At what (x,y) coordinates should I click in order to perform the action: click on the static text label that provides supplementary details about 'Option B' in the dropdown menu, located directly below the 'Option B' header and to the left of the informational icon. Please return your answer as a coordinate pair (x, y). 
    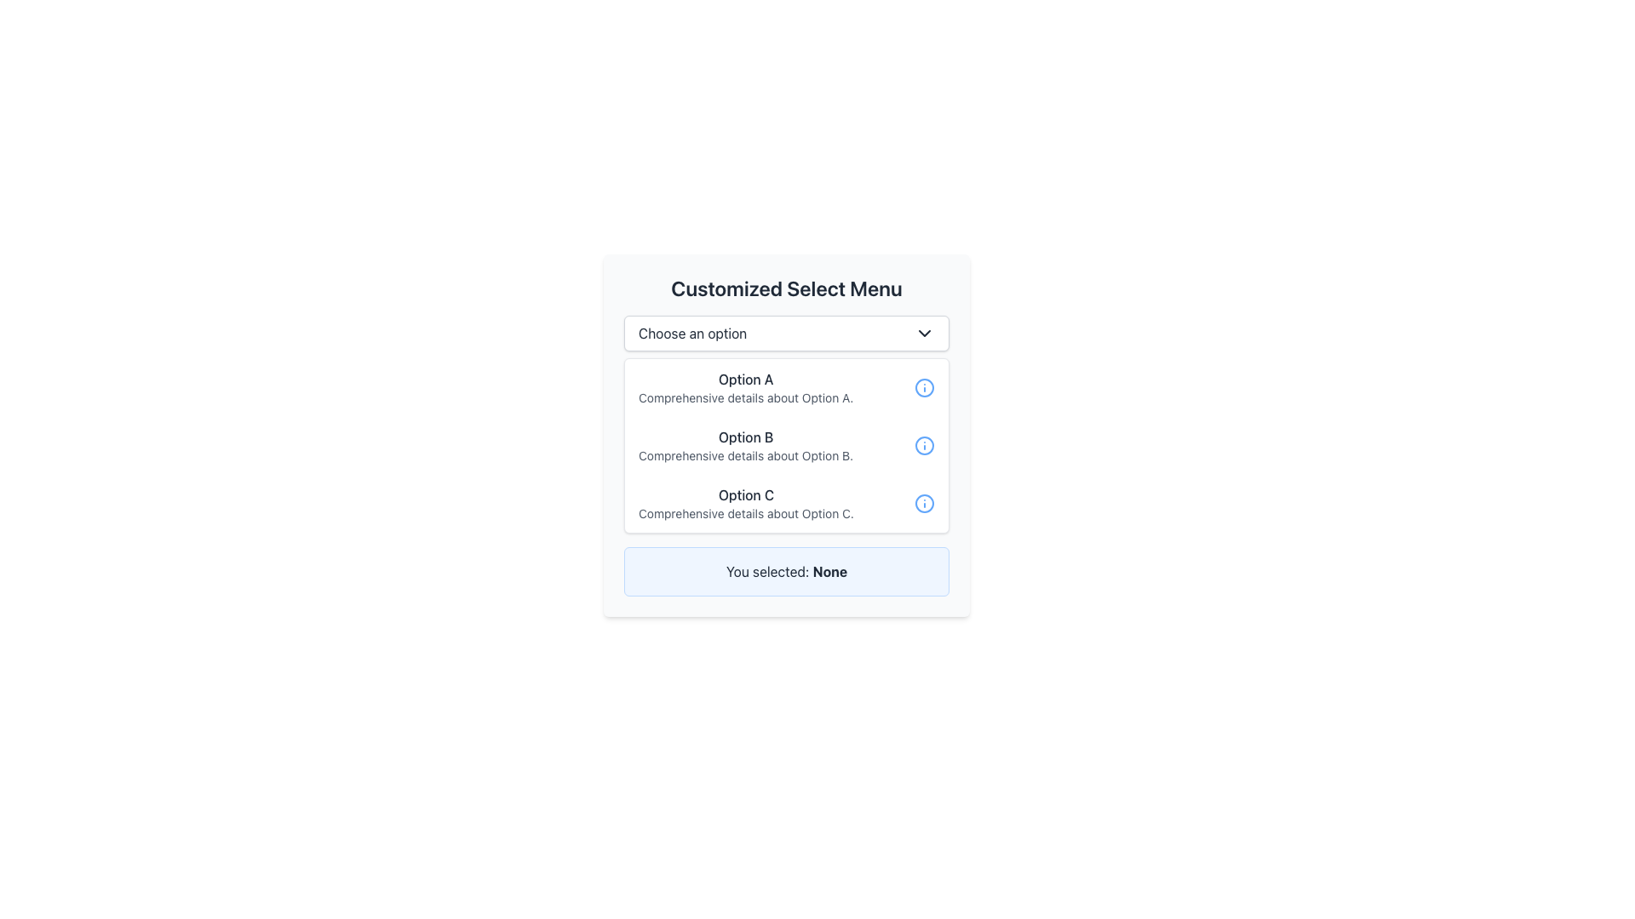
    Looking at the image, I should click on (746, 455).